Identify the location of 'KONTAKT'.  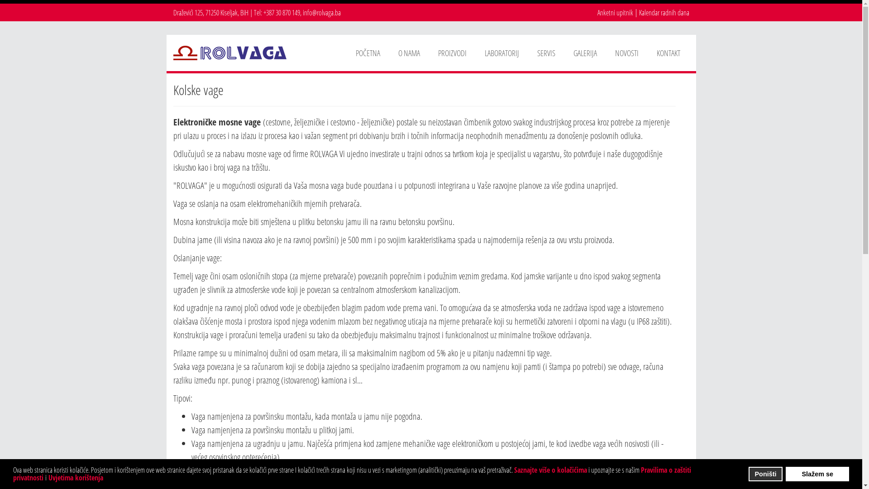
(668, 53).